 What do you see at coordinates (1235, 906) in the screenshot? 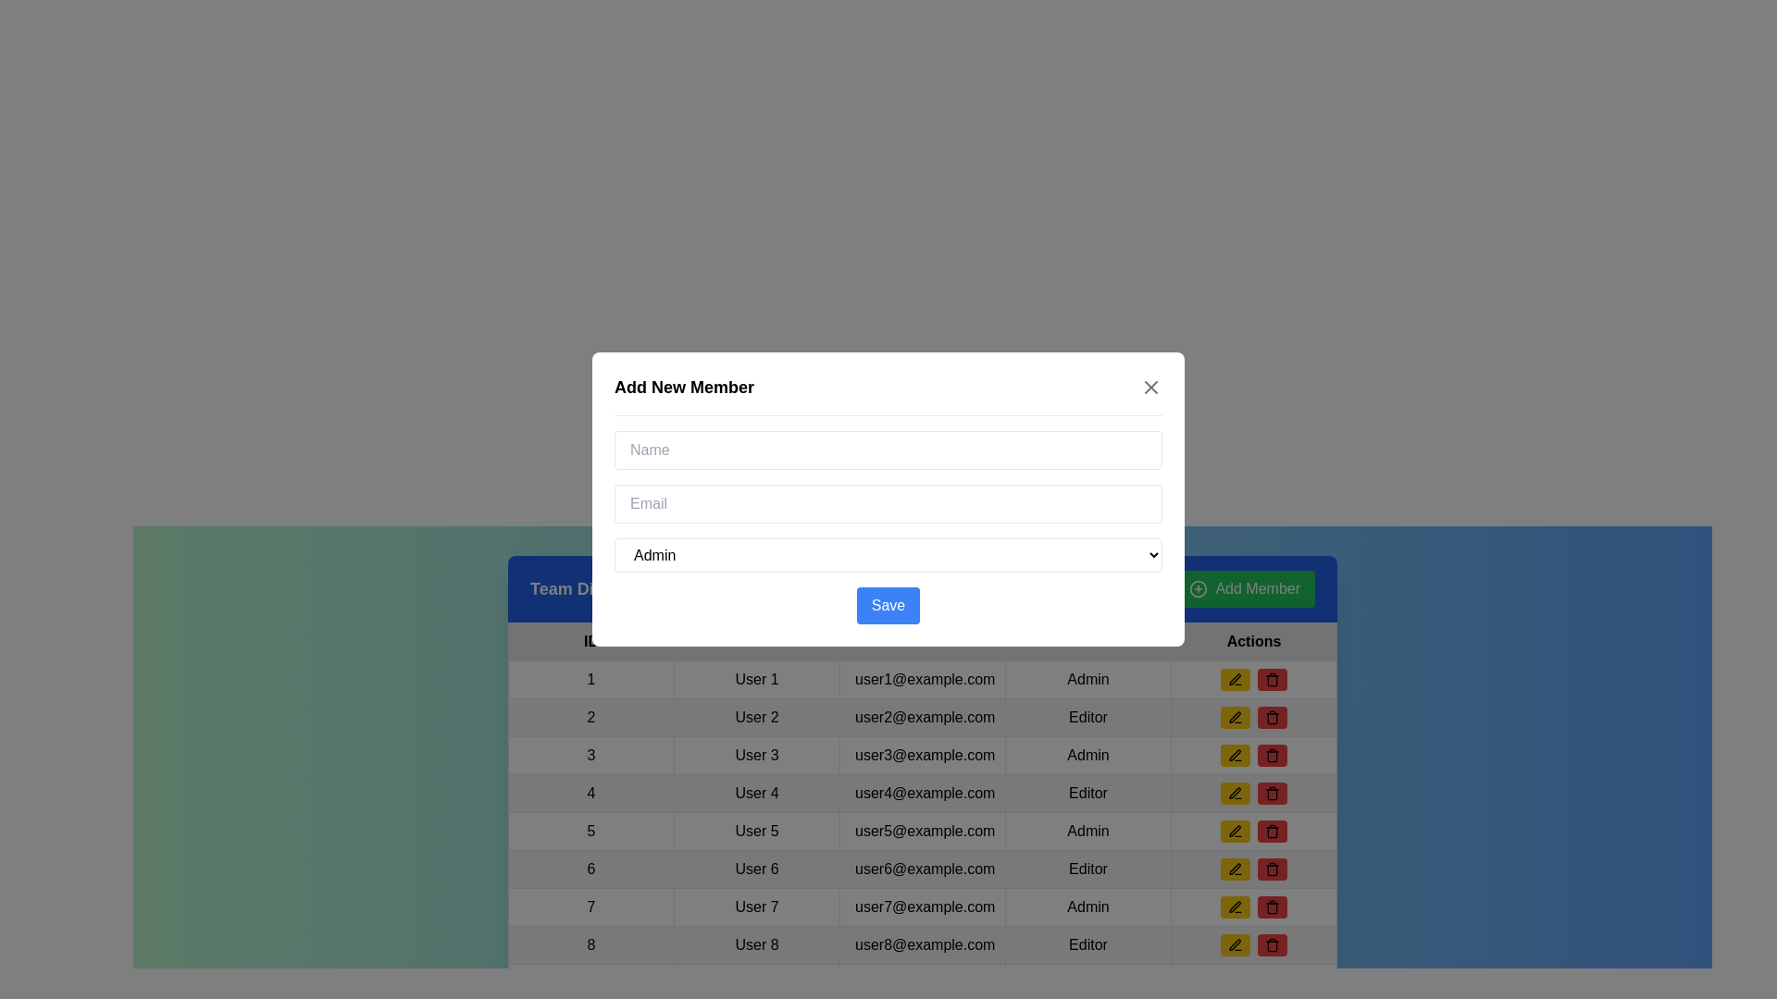
I see `the edit button located in the last row of the table under the 'Actions' column` at bounding box center [1235, 906].